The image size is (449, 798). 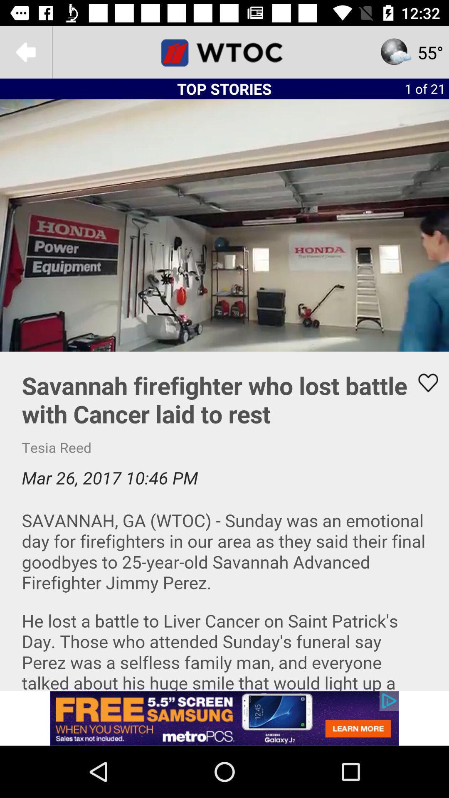 What do you see at coordinates (423, 382) in the screenshot?
I see `the favorite icon` at bounding box center [423, 382].